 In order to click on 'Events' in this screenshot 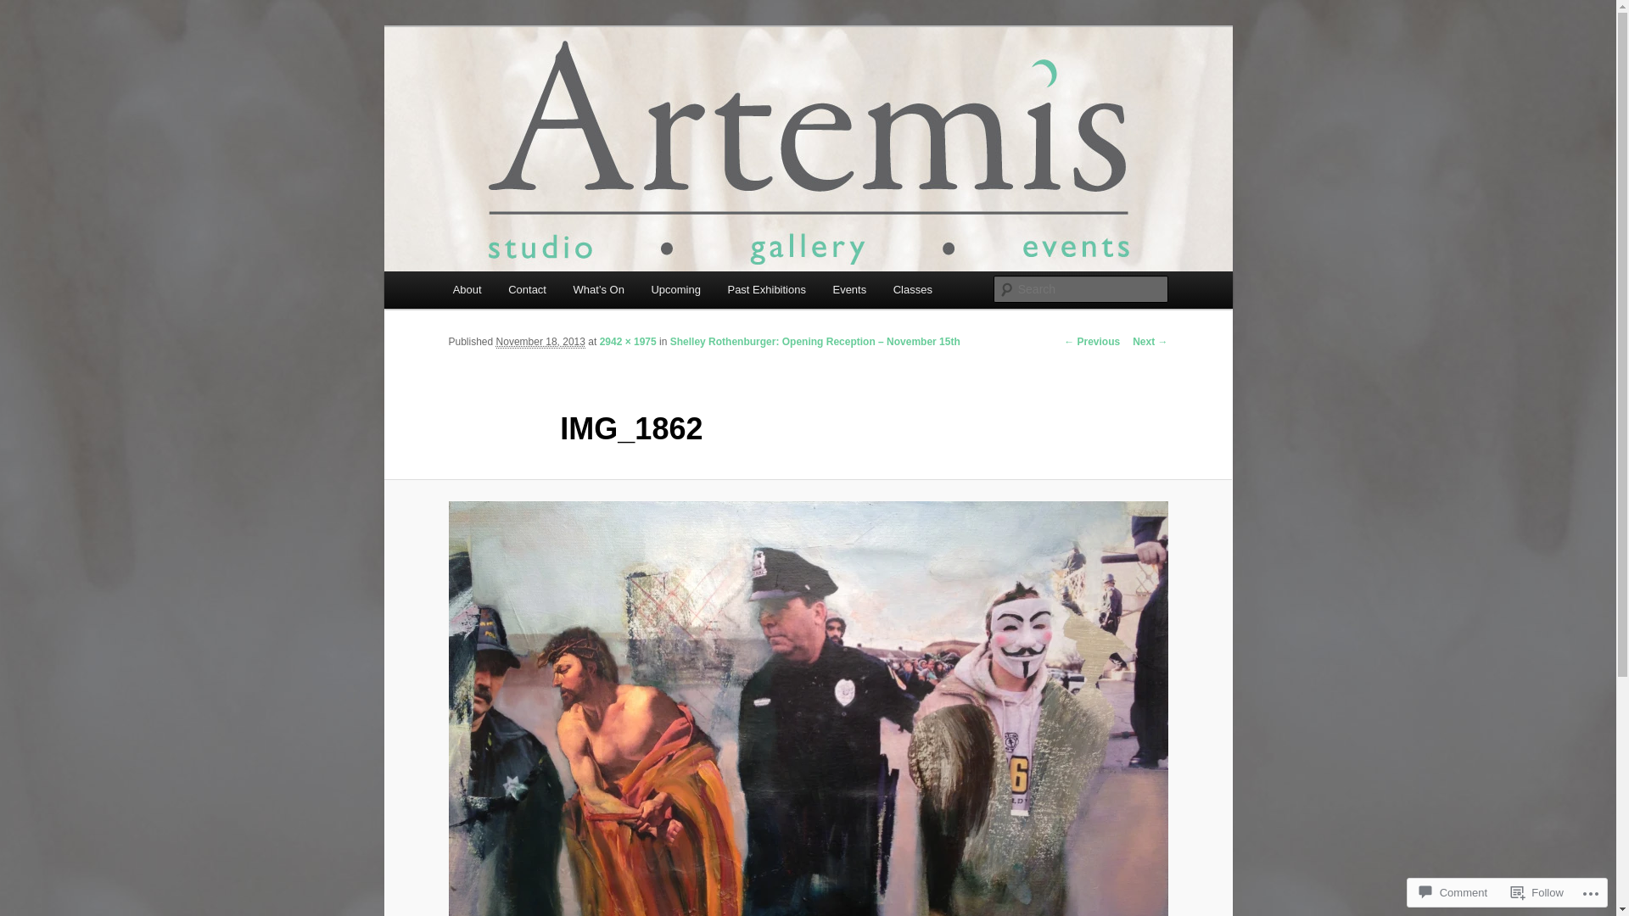, I will do `click(819, 288)`.